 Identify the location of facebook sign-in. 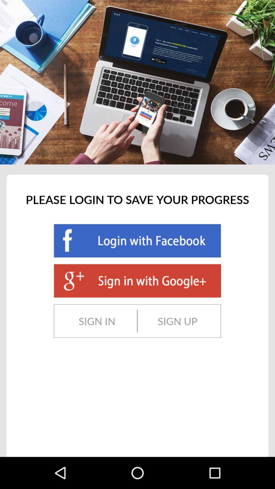
(137, 240).